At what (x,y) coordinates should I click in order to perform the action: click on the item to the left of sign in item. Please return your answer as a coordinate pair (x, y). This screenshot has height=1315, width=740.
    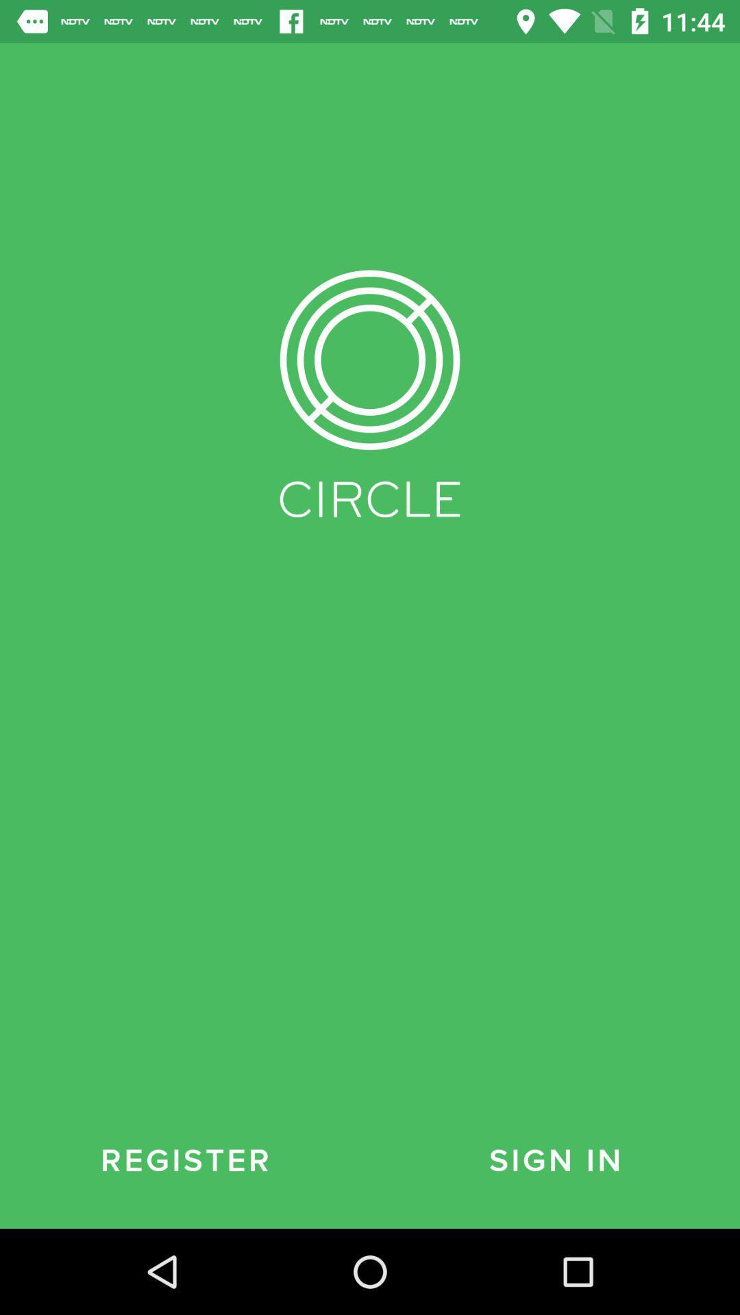
    Looking at the image, I should click on (185, 1160).